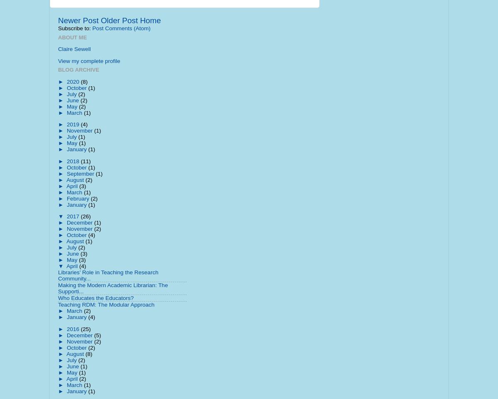 This screenshot has height=399, width=498. I want to click on '2018', so click(73, 160).